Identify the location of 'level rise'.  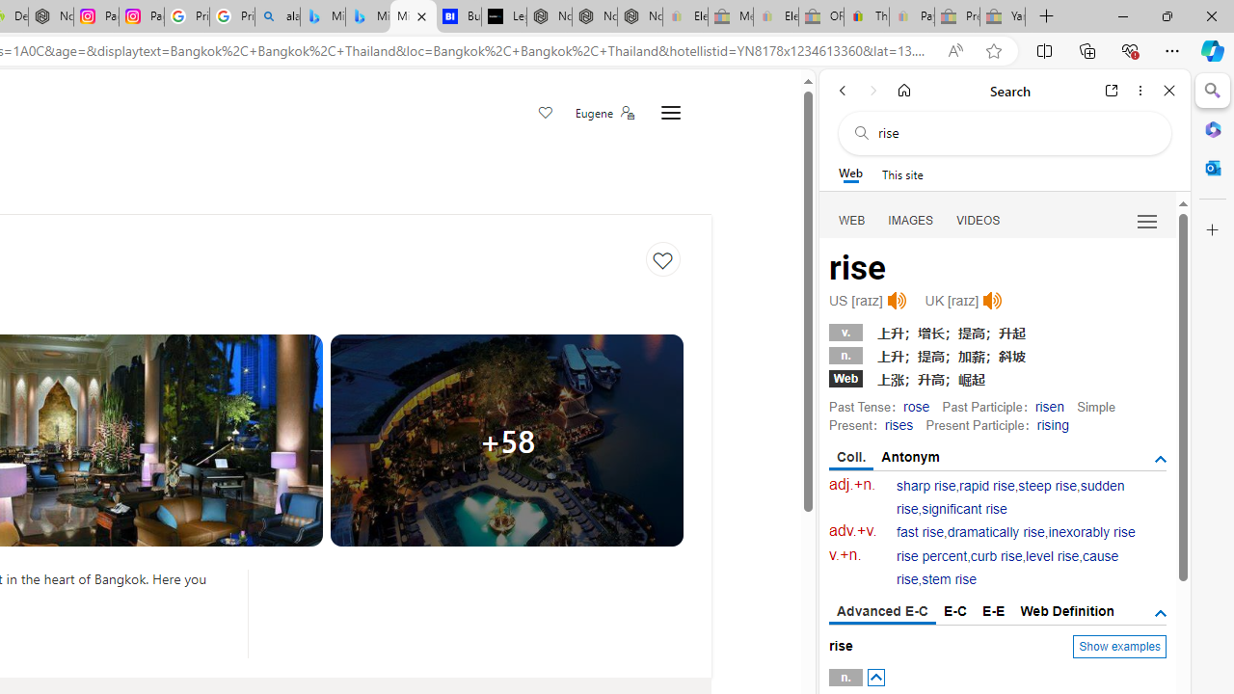
(1051, 556).